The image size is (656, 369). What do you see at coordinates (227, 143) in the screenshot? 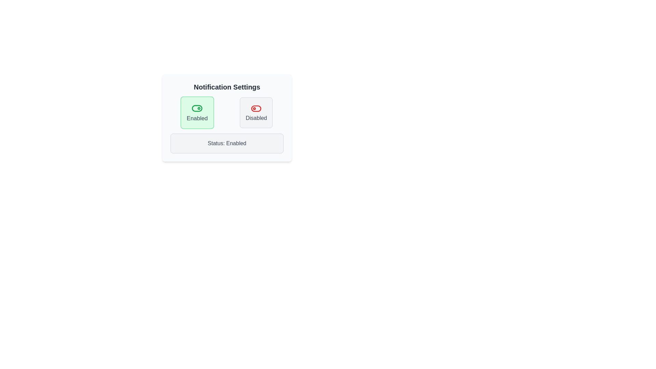
I see `the static label that displays the current state or mode, which is located at the bottom of the 'Notification Settings' card` at bounding box center [227, 143].